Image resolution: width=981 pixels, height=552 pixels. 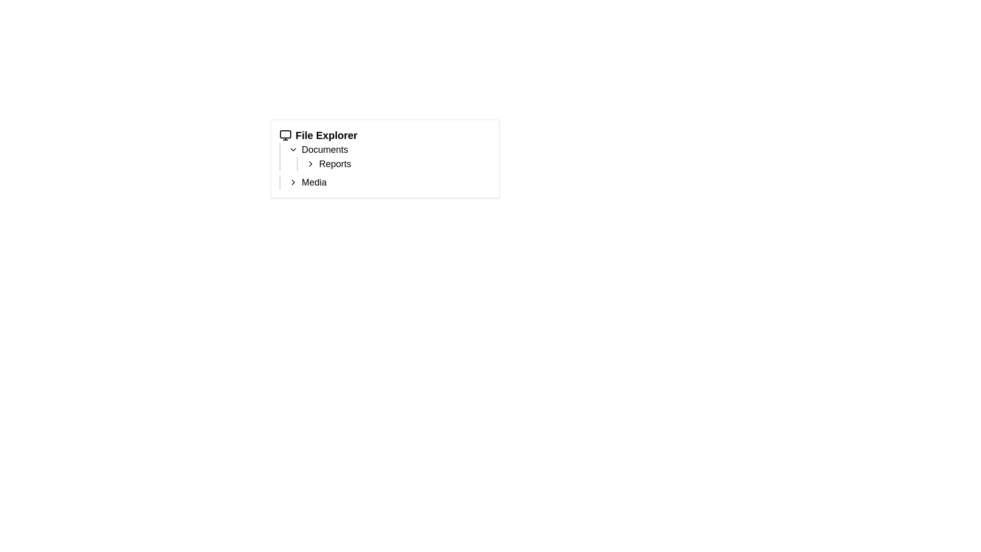 What do you see at coordinates (285, 135) in the screenshot?
I see `the 'File Explorer' icon located to the left of the 'File Explorer' title` at bounding box center [285, 135].